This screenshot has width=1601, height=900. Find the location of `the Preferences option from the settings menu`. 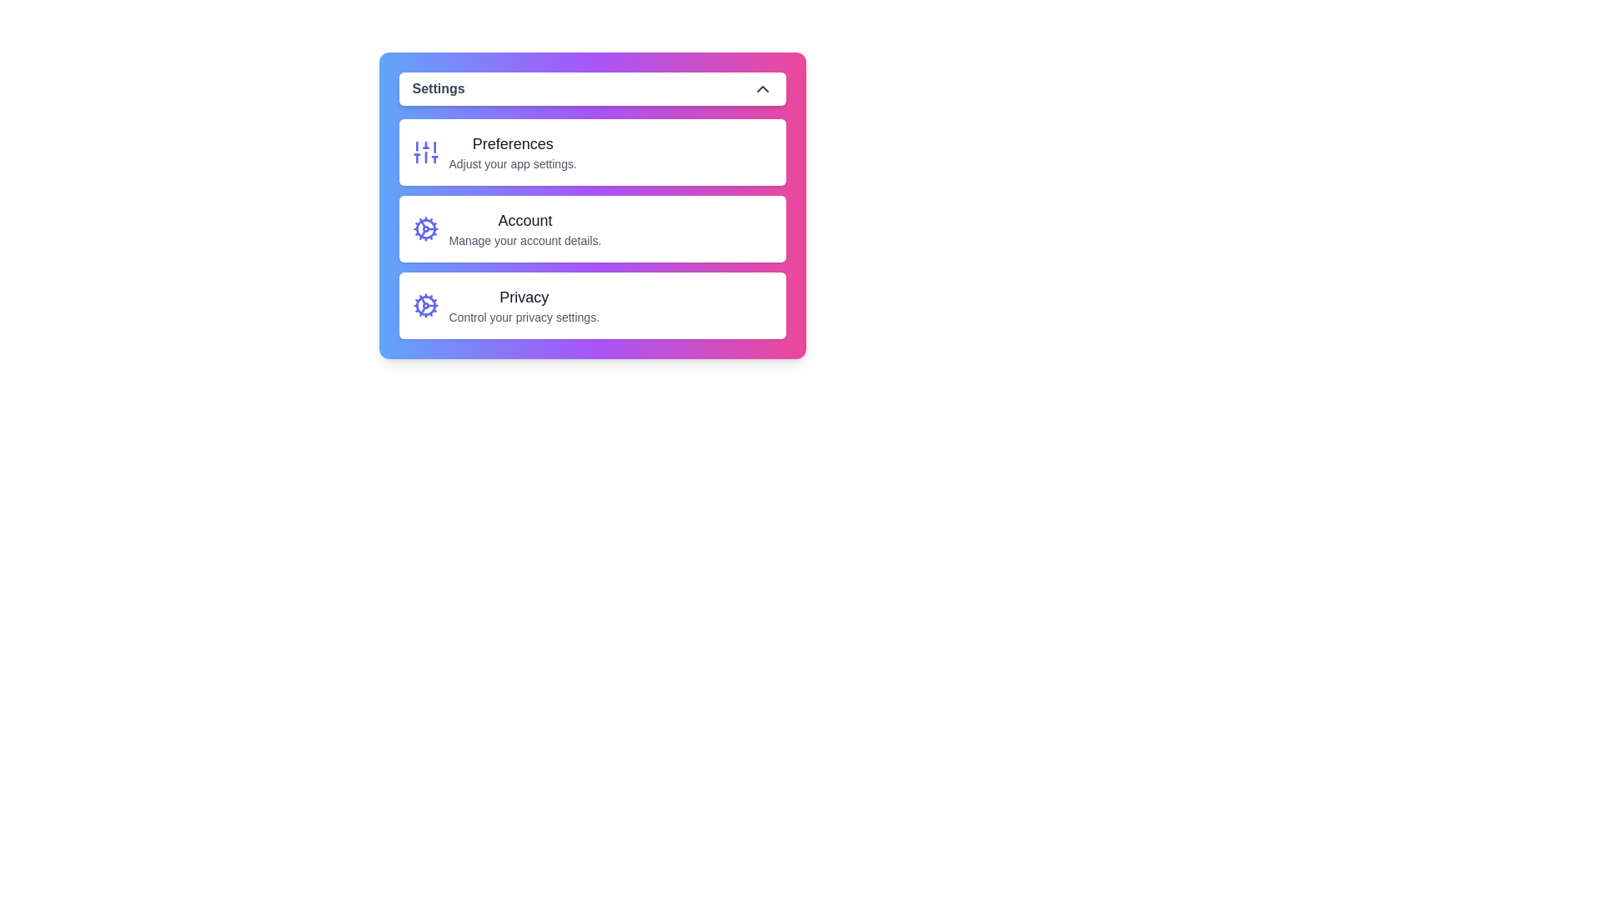

the Preferences option from the settings menu is located at coordinates (592, 152).